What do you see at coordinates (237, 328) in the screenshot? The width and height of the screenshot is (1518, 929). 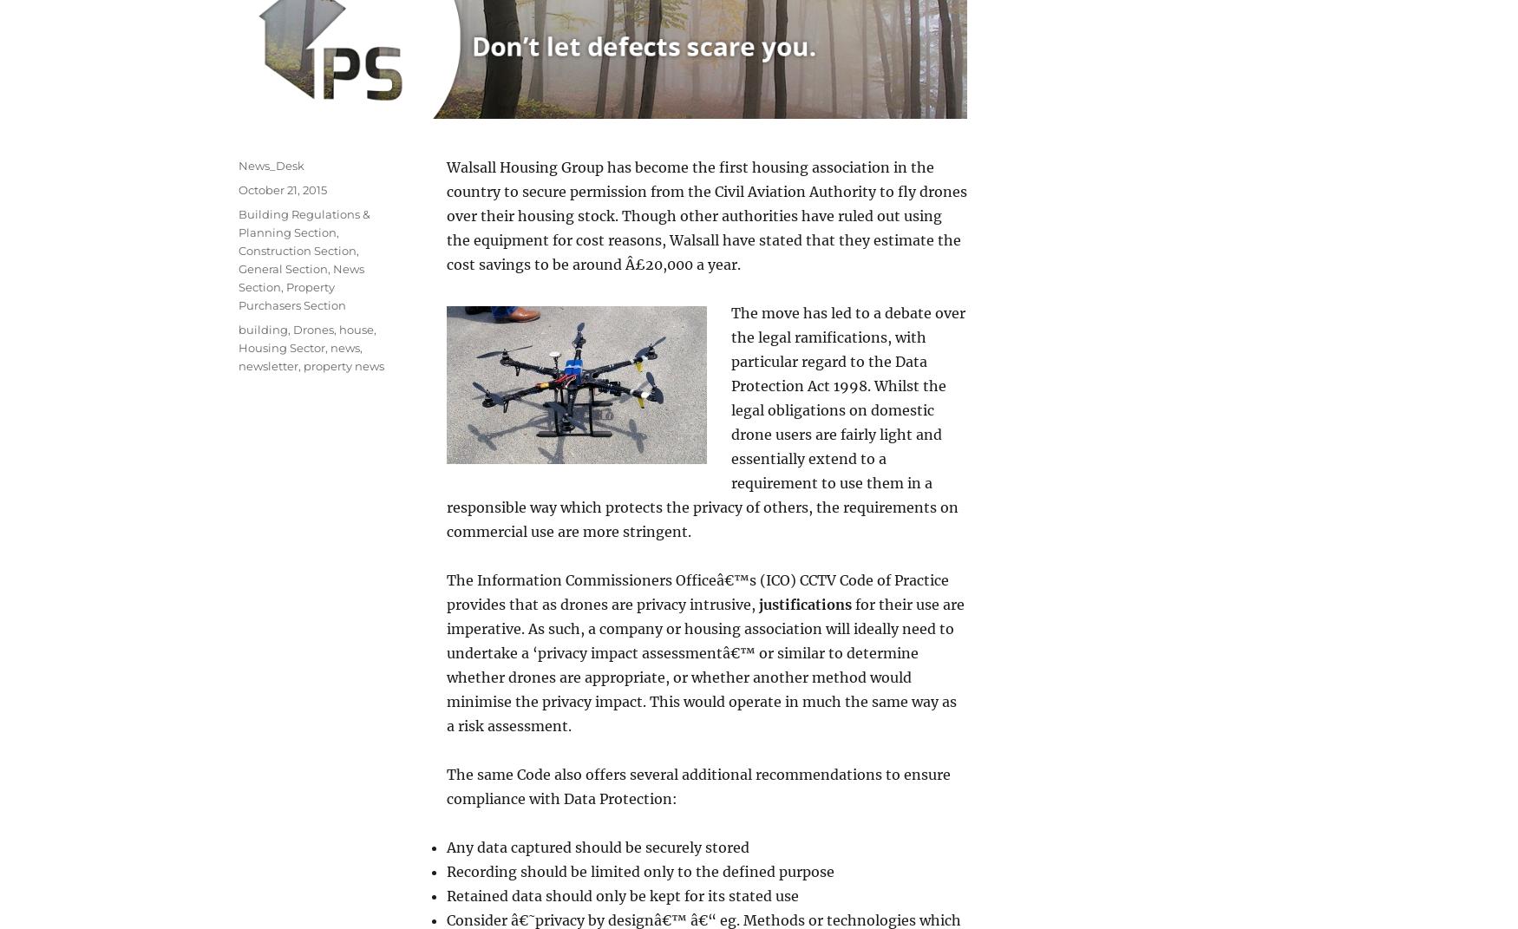 I see `'building'` at bounding box center [237, 328].